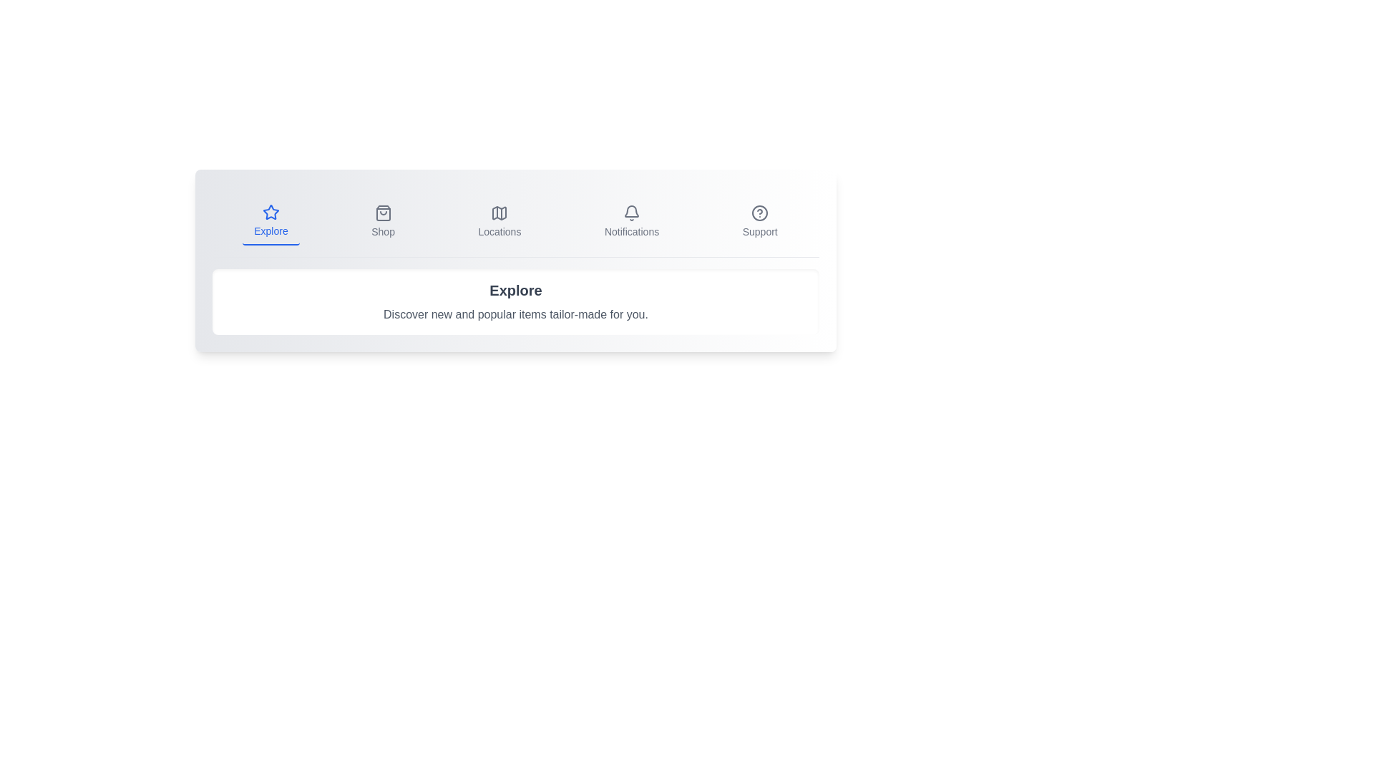 Image resolution: width=1374 pixels, height=773 pixels. I want to click on the bold, large-sized text labeled 'Explore' in dark gray to potentially reveal additional information, so click(515, 290).